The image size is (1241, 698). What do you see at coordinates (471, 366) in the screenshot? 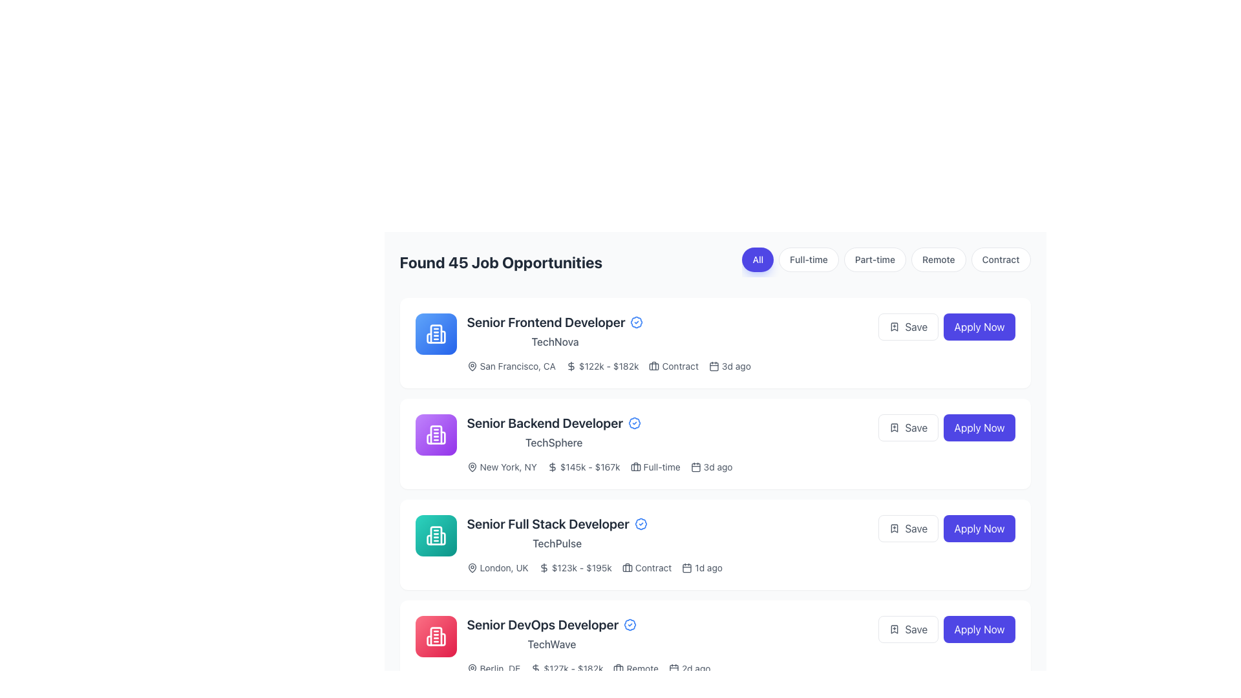
I see `the small, circular pin icon representing a location, located to the left of the text 'San Francisco, CA' in the first job listing` at bounding box center [471, 366].